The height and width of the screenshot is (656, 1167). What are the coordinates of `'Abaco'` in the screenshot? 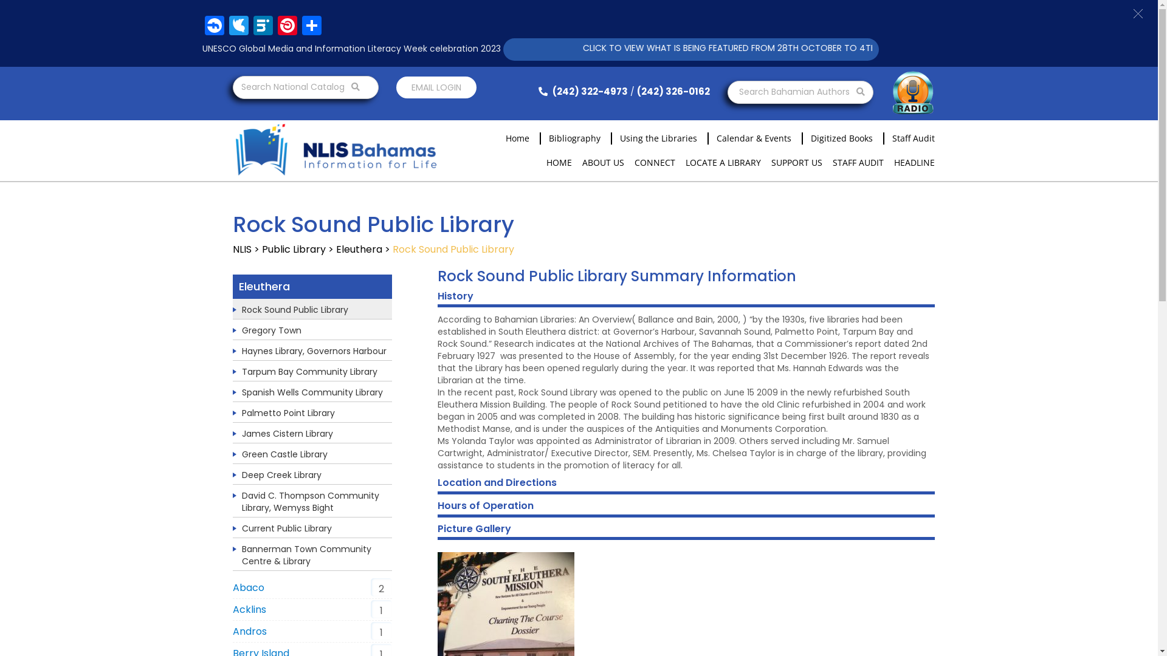 It's located at (247, 587).